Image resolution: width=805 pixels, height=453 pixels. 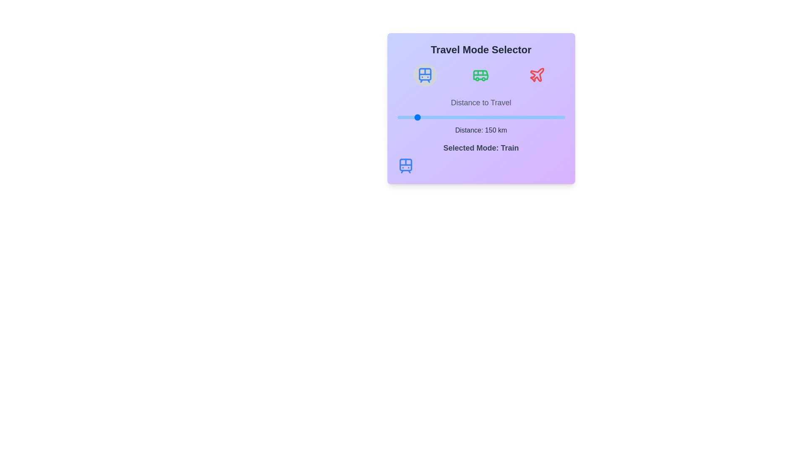 I want to click on the icon to select the travel mode Train, so click(x=425, y=74).